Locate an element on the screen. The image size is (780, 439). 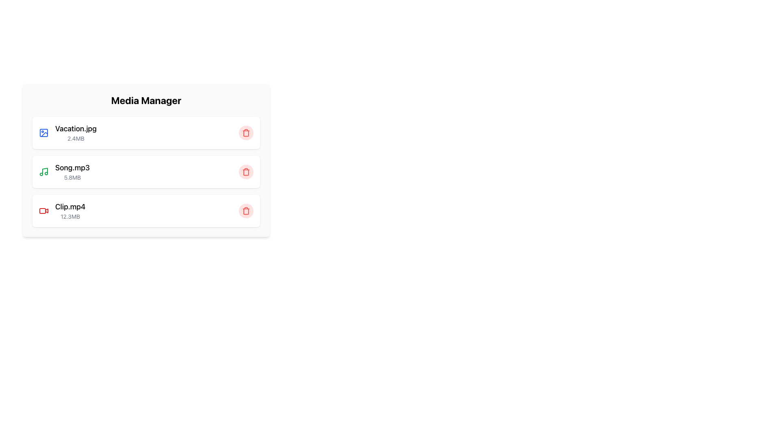
the delete icon button located on the right side of the 'Clip.mp4 12.3MB' entry in the media manager section is located at coordinates (245, 211).